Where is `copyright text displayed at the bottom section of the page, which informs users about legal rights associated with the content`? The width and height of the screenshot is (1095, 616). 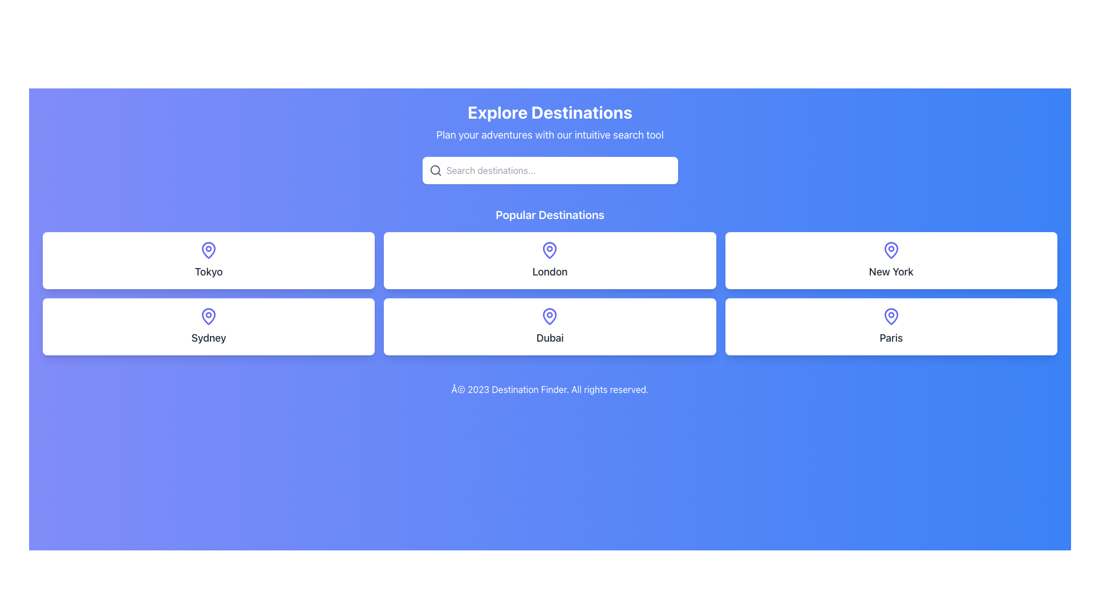
copyright text displayed at the bottom section of the page, which informs users about legal rights associated with the content is located at coordinates (550, 388).